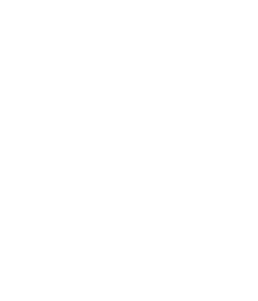 The image size is (258, 301). Describe the element at coordinates (105, 243) in the screenshot. I see `'Terms of Use'` at that location.